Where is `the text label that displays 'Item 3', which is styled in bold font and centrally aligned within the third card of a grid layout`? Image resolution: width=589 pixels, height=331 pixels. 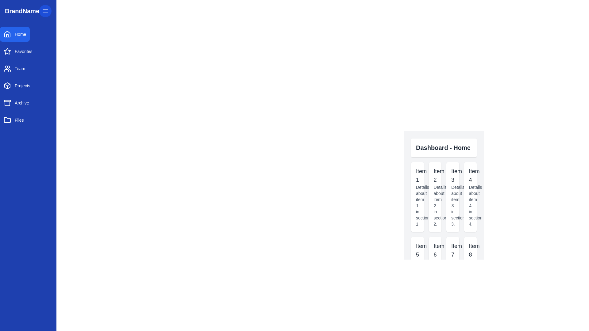
the text label that displays 'Item 3', which is styled in bold font and centrally aligned within the third card of a grid layout is located at coordinates (452, 176).